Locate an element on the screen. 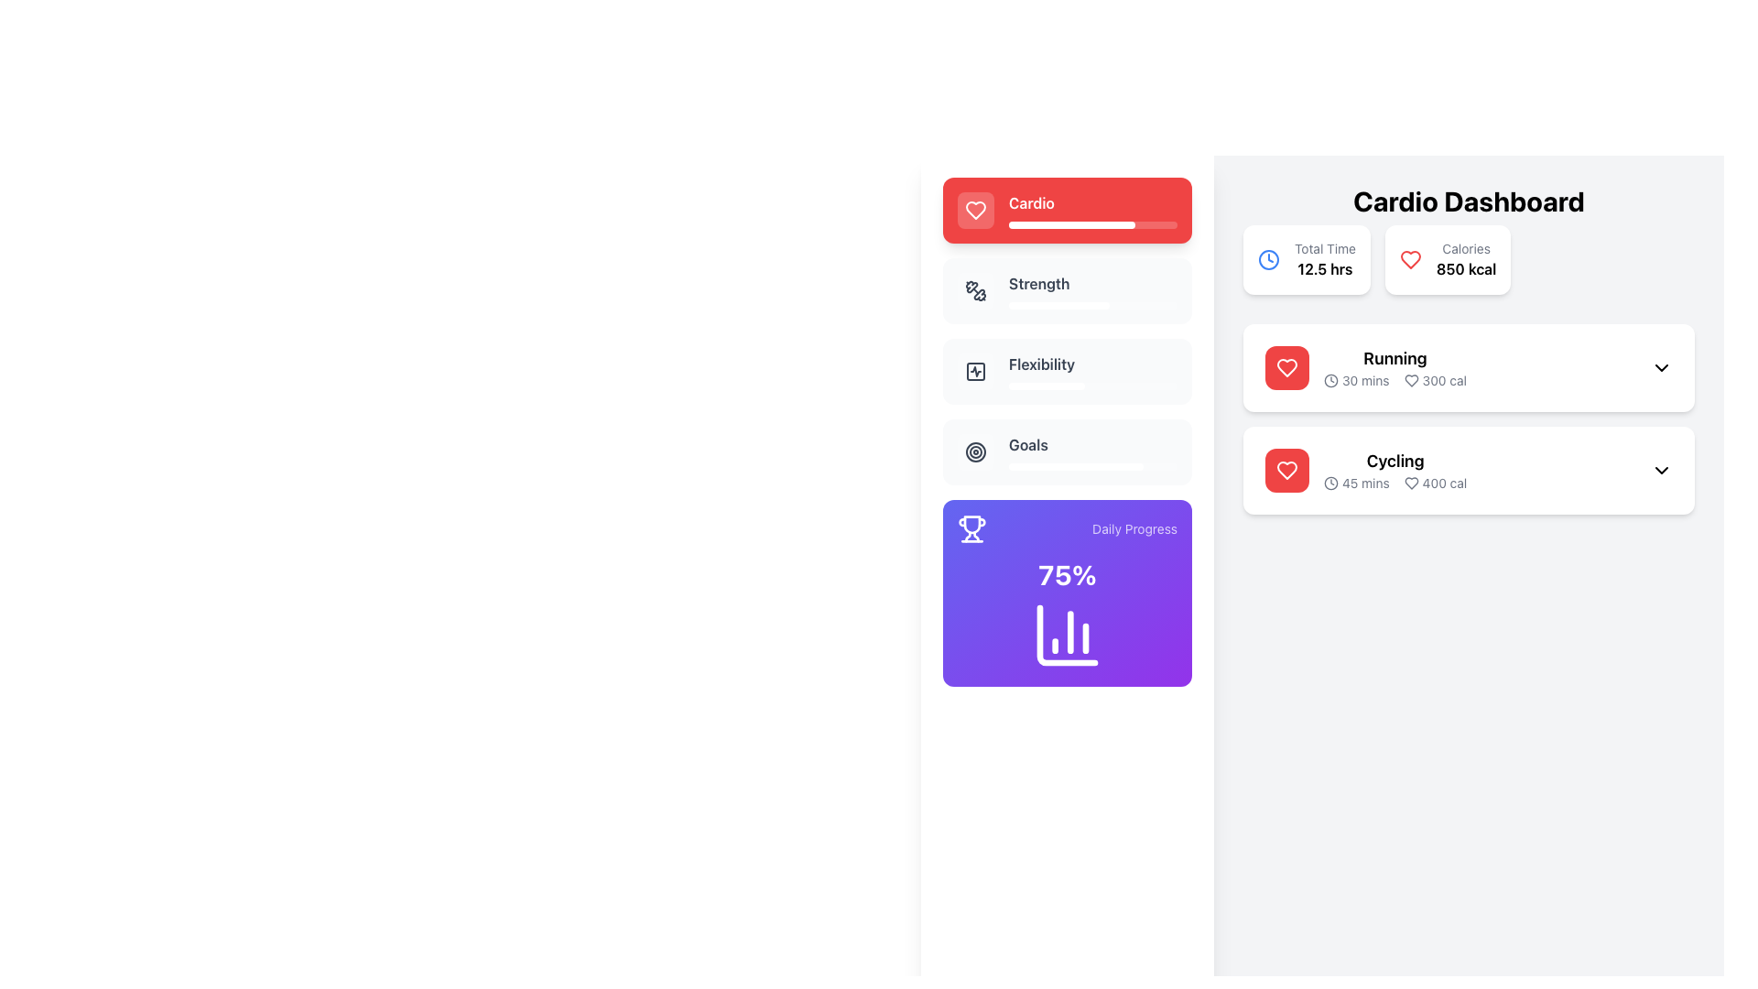  the calorie count text display located below the red heart icon in the 'Cardio Dashboard' section, which is the second item on the second row of the main panel is located at coordinates (1466, 260).